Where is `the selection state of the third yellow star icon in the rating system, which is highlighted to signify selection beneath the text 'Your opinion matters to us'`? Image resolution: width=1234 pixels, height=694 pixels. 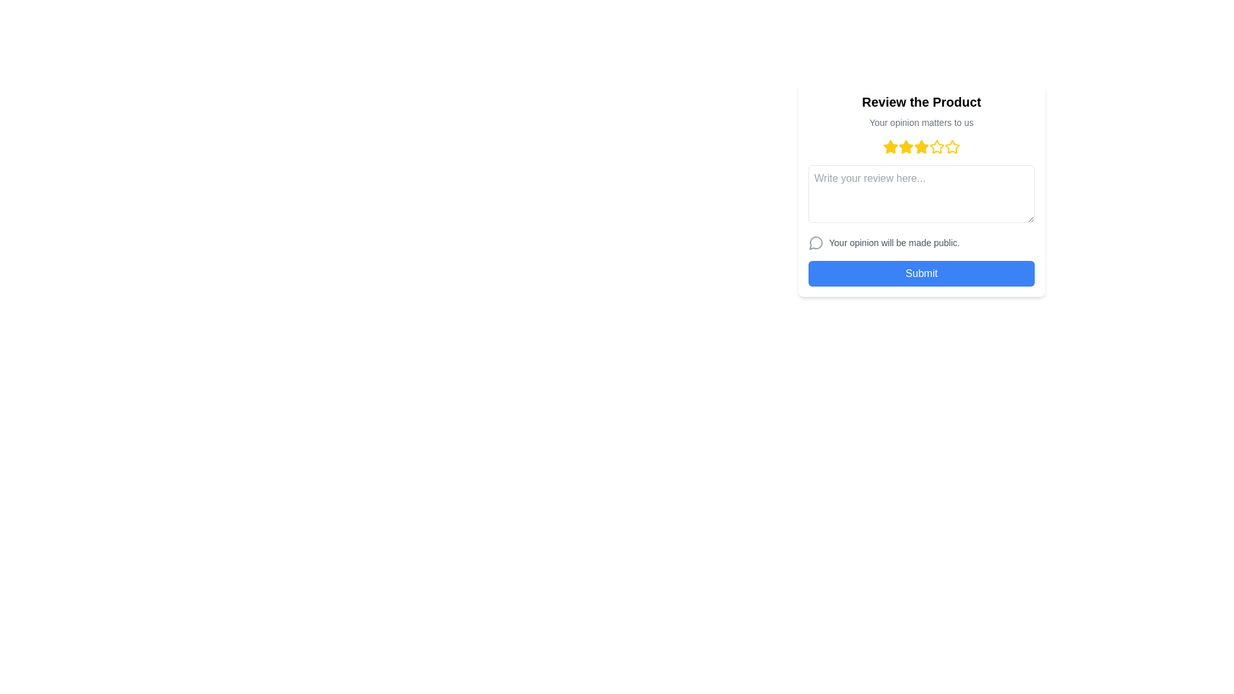 the selection state of the third yellow star icon in the rating system, which is highlighted to signify selection beneath the text 'Your opinion matters to us' is located at coordinates (921, 146).